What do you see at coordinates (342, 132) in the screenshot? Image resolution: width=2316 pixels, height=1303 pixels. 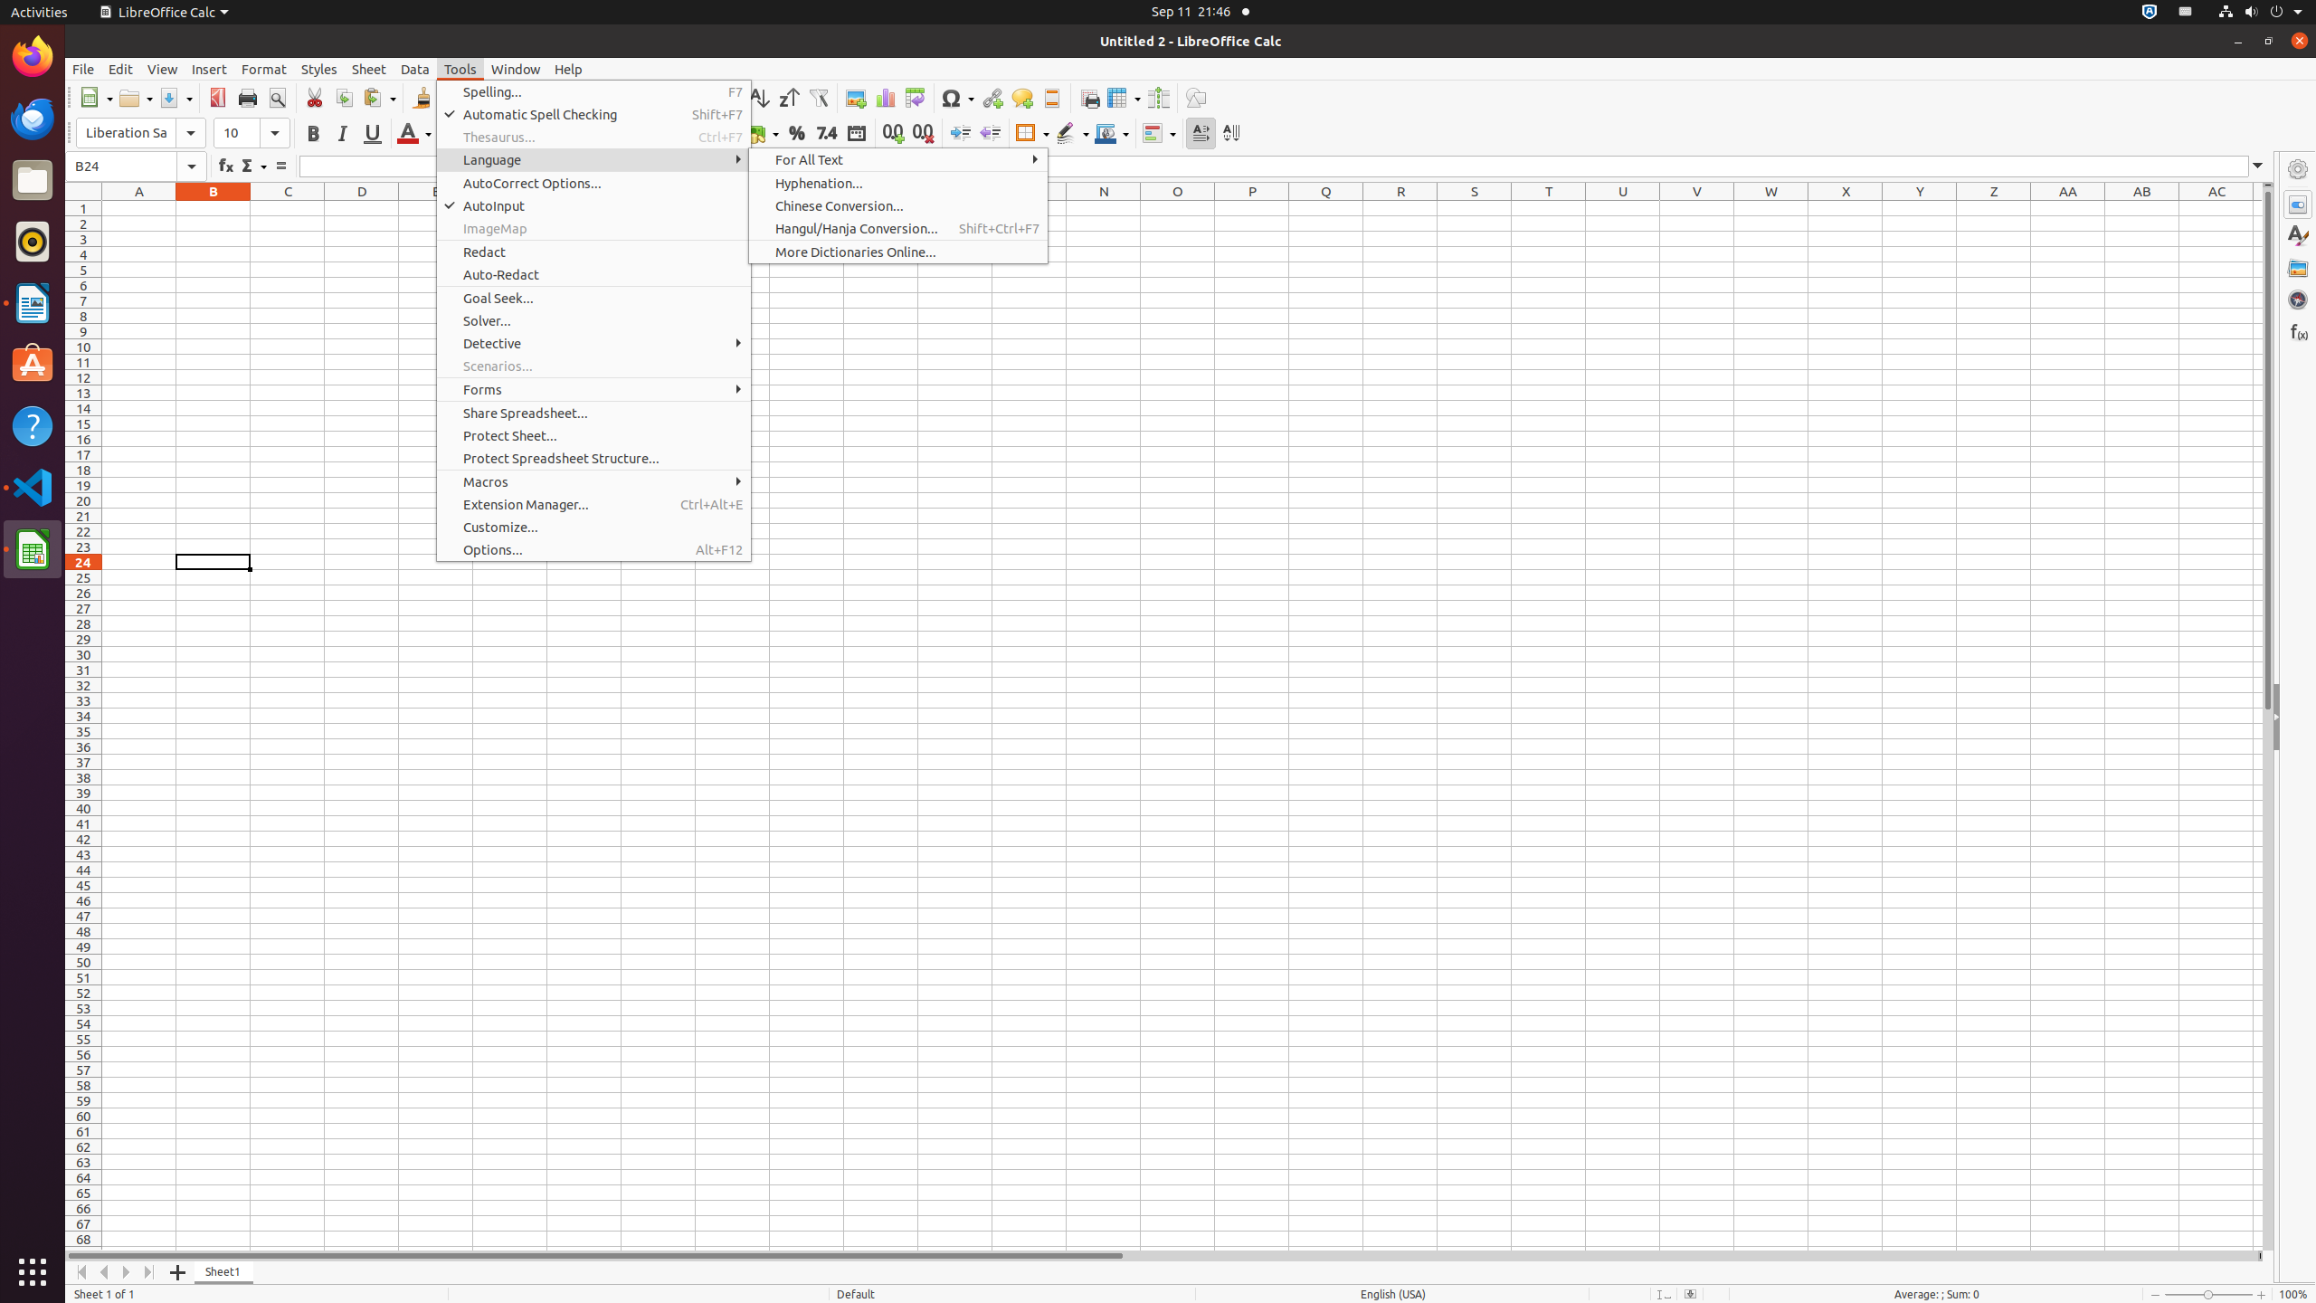 I see `'Italic'` at bounding box center [342, 132].